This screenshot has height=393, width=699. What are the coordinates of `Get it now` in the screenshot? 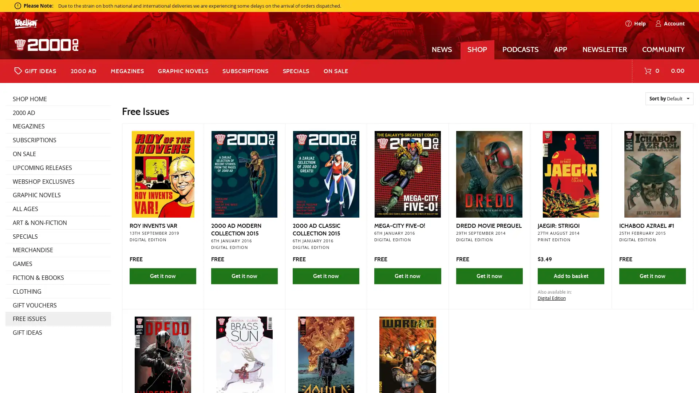 It's located at (244, 276).